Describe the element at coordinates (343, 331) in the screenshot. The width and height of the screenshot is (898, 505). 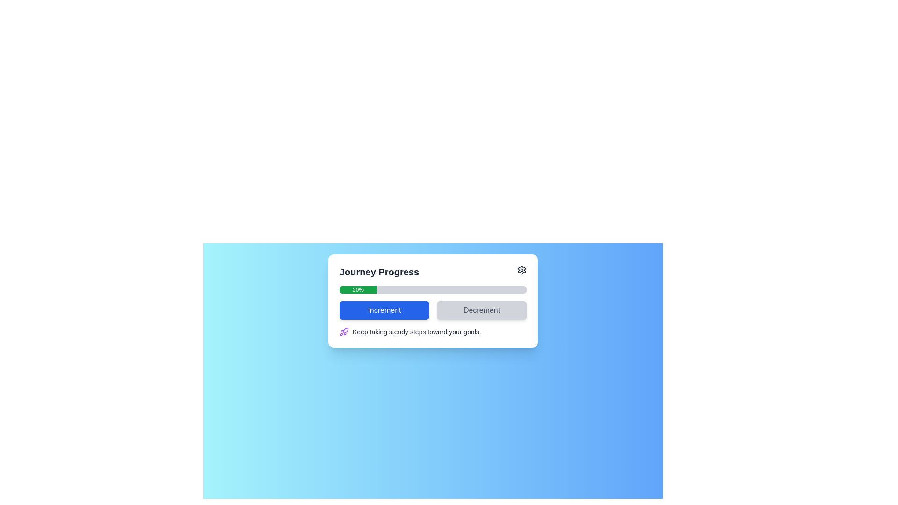
I see `the symbolic icon located to the far left of the text 'Keep taking steady steps toward your goals.'` at that location.